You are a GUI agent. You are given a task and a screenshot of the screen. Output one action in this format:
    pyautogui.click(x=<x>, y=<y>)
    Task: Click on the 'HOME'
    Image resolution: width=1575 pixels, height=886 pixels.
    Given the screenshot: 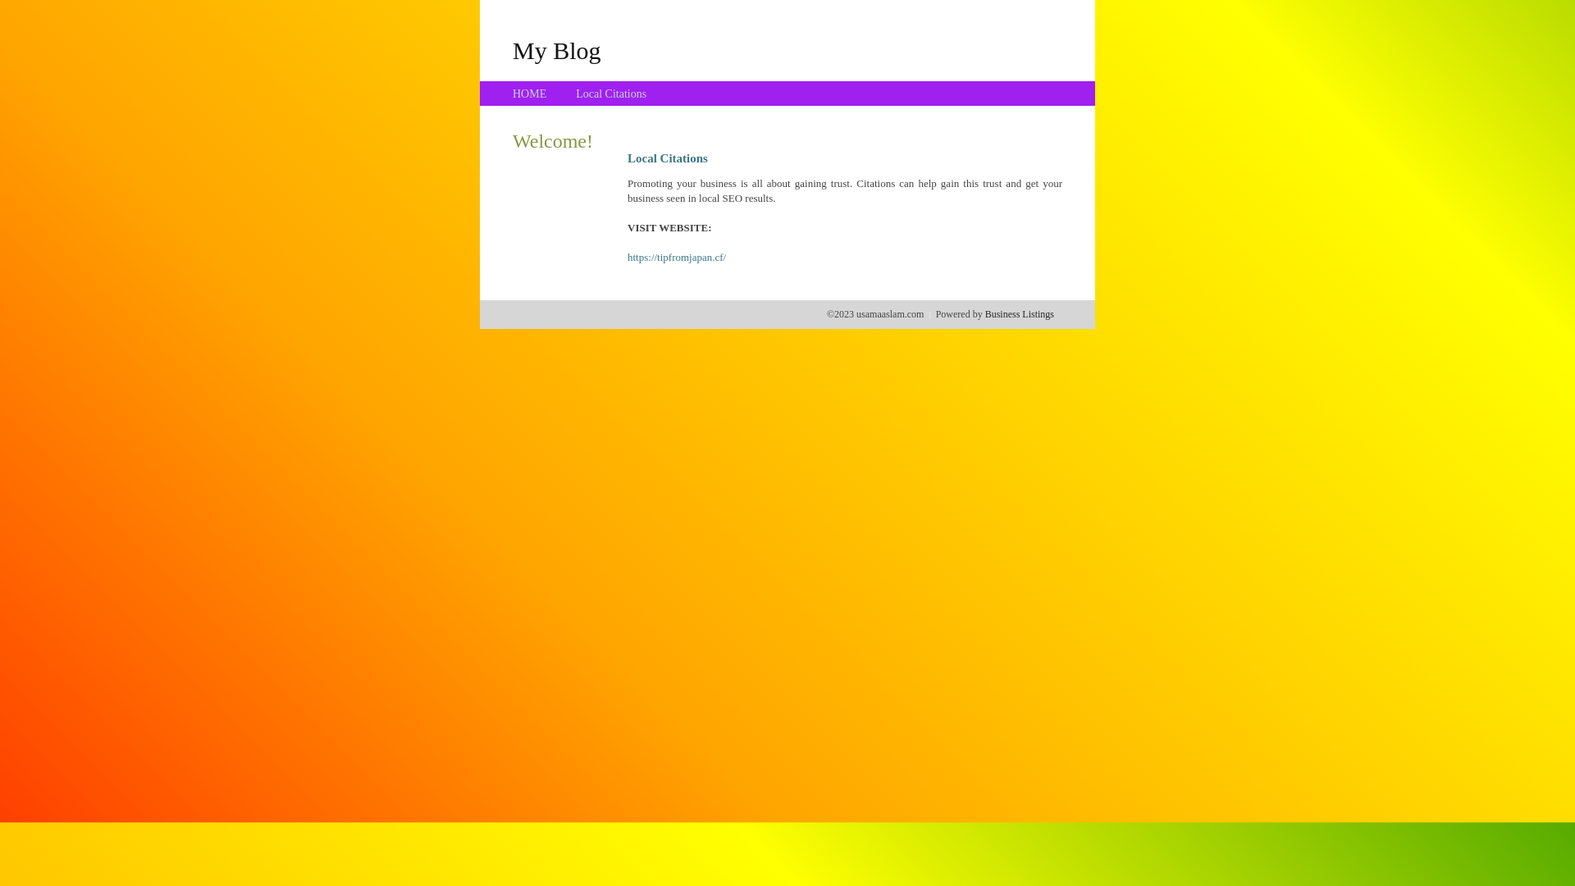 What is the action you would take?
    pyautogui.click(x=529, y=94)
    